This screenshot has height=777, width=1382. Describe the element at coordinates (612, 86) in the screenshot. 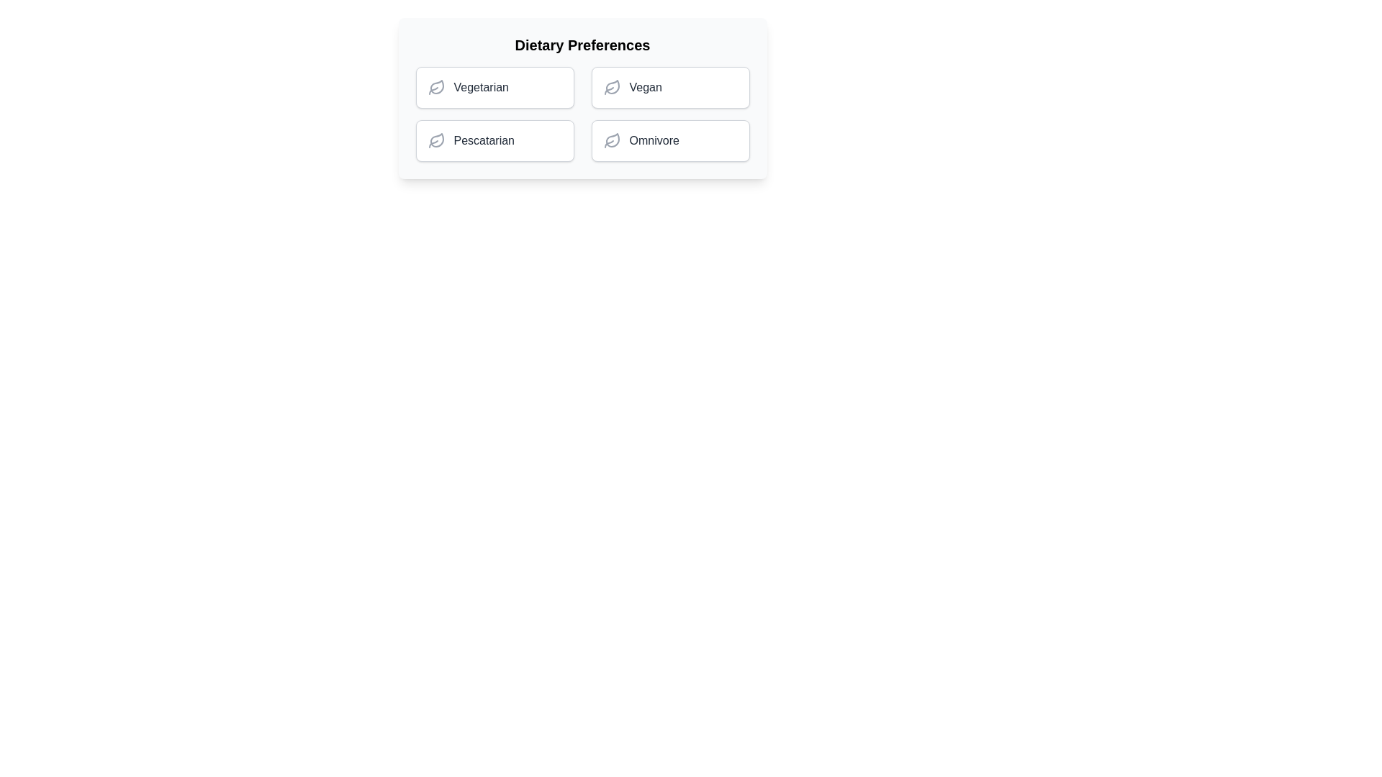

I see `the leaf icon representing the 'Vegan' dietary preference located in the top-right button of the 'Dietary Preferences' section` at that location.